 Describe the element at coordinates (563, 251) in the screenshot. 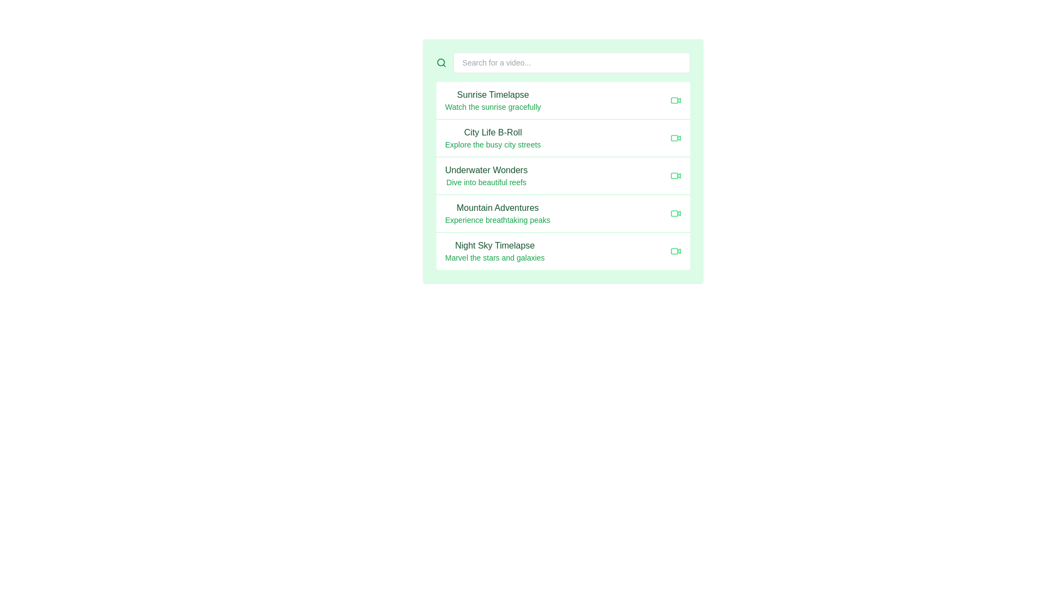

I see `the fifth list item representing 'Night Sky Timelapse'` at that location.